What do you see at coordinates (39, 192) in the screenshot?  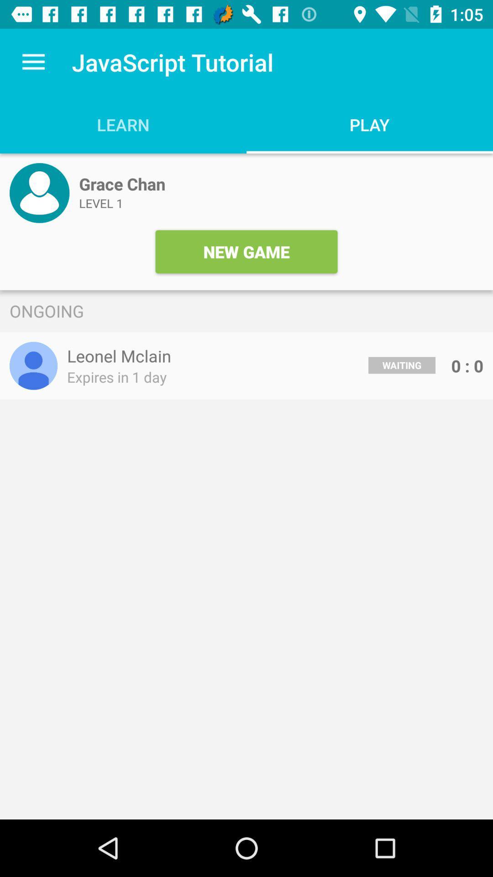 I see `the person icon left to the grace chan on the left hand side` at bounding box center [39, 192].